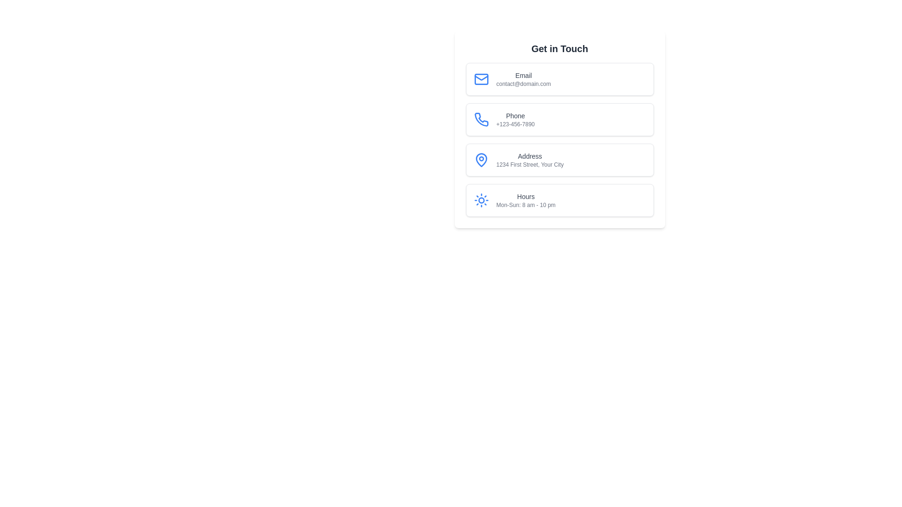  I want to click on the address display text label located in the 'Get in Touch' section, beneath the 'Address' label and icon, which provides location details to the user, so click(530, 164).